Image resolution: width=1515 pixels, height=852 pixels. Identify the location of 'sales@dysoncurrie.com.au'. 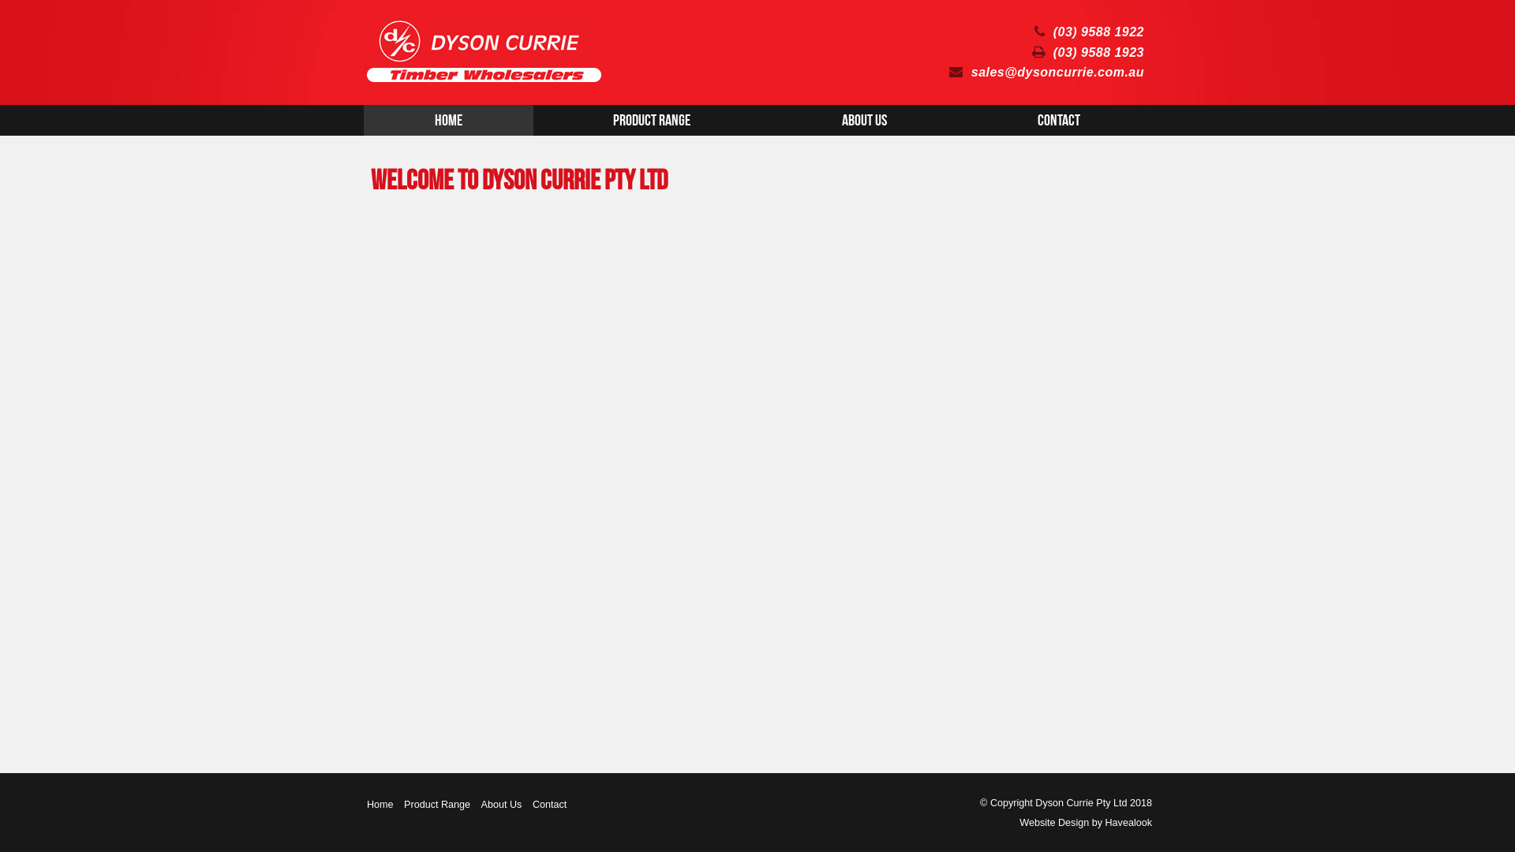
(1046, 72).